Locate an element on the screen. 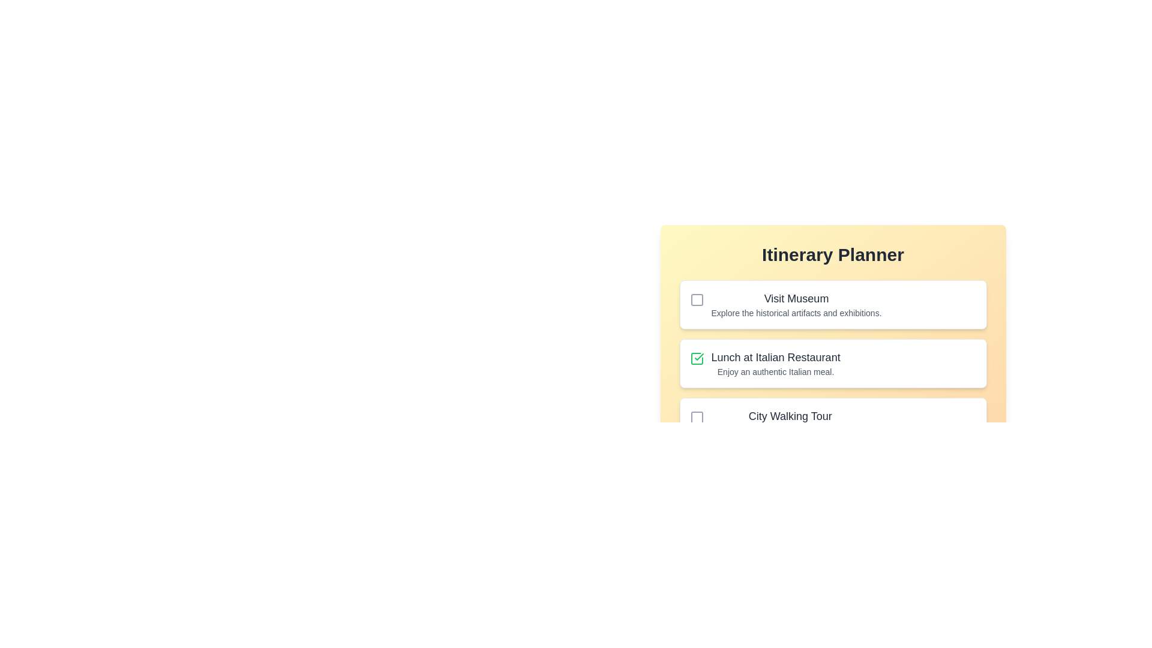 The width and height of the screenshot is (1152, 648). the small square icon with rounded corners located in the upper-left corner of the 'Visit Museum' option in the list is located at coordinates (697, 299).